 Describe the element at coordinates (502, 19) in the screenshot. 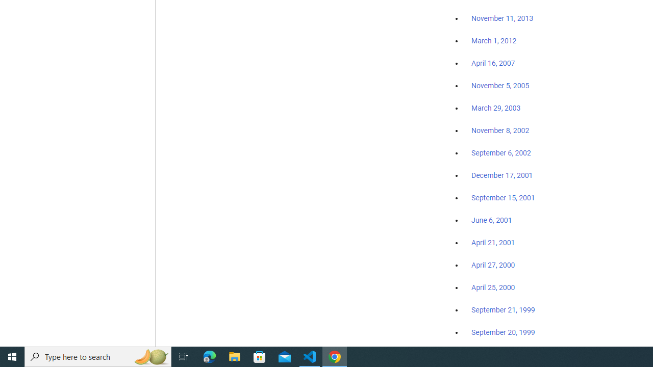

I see `'November 11, 2013'` at that location.